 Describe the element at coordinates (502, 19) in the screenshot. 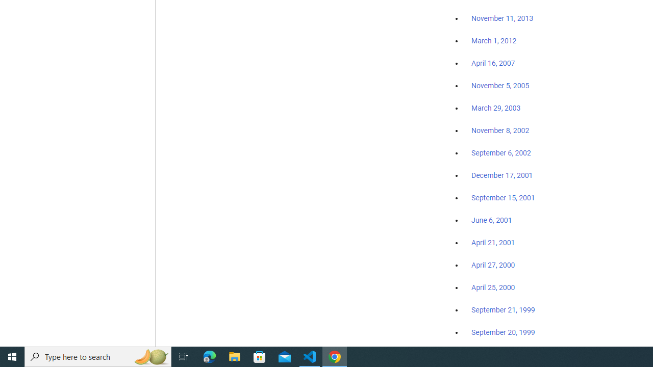

I see `'November 11, 2013'` at that location.